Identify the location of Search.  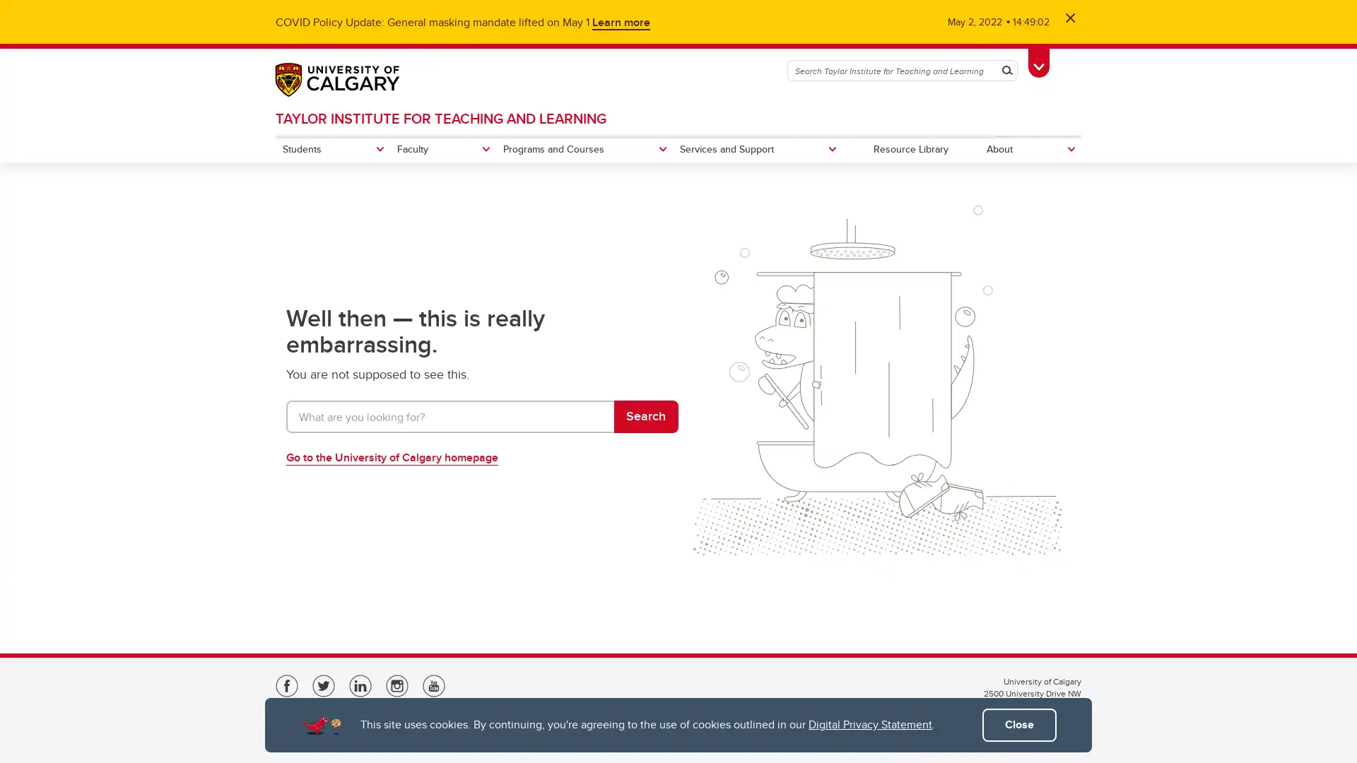
(645, 416).